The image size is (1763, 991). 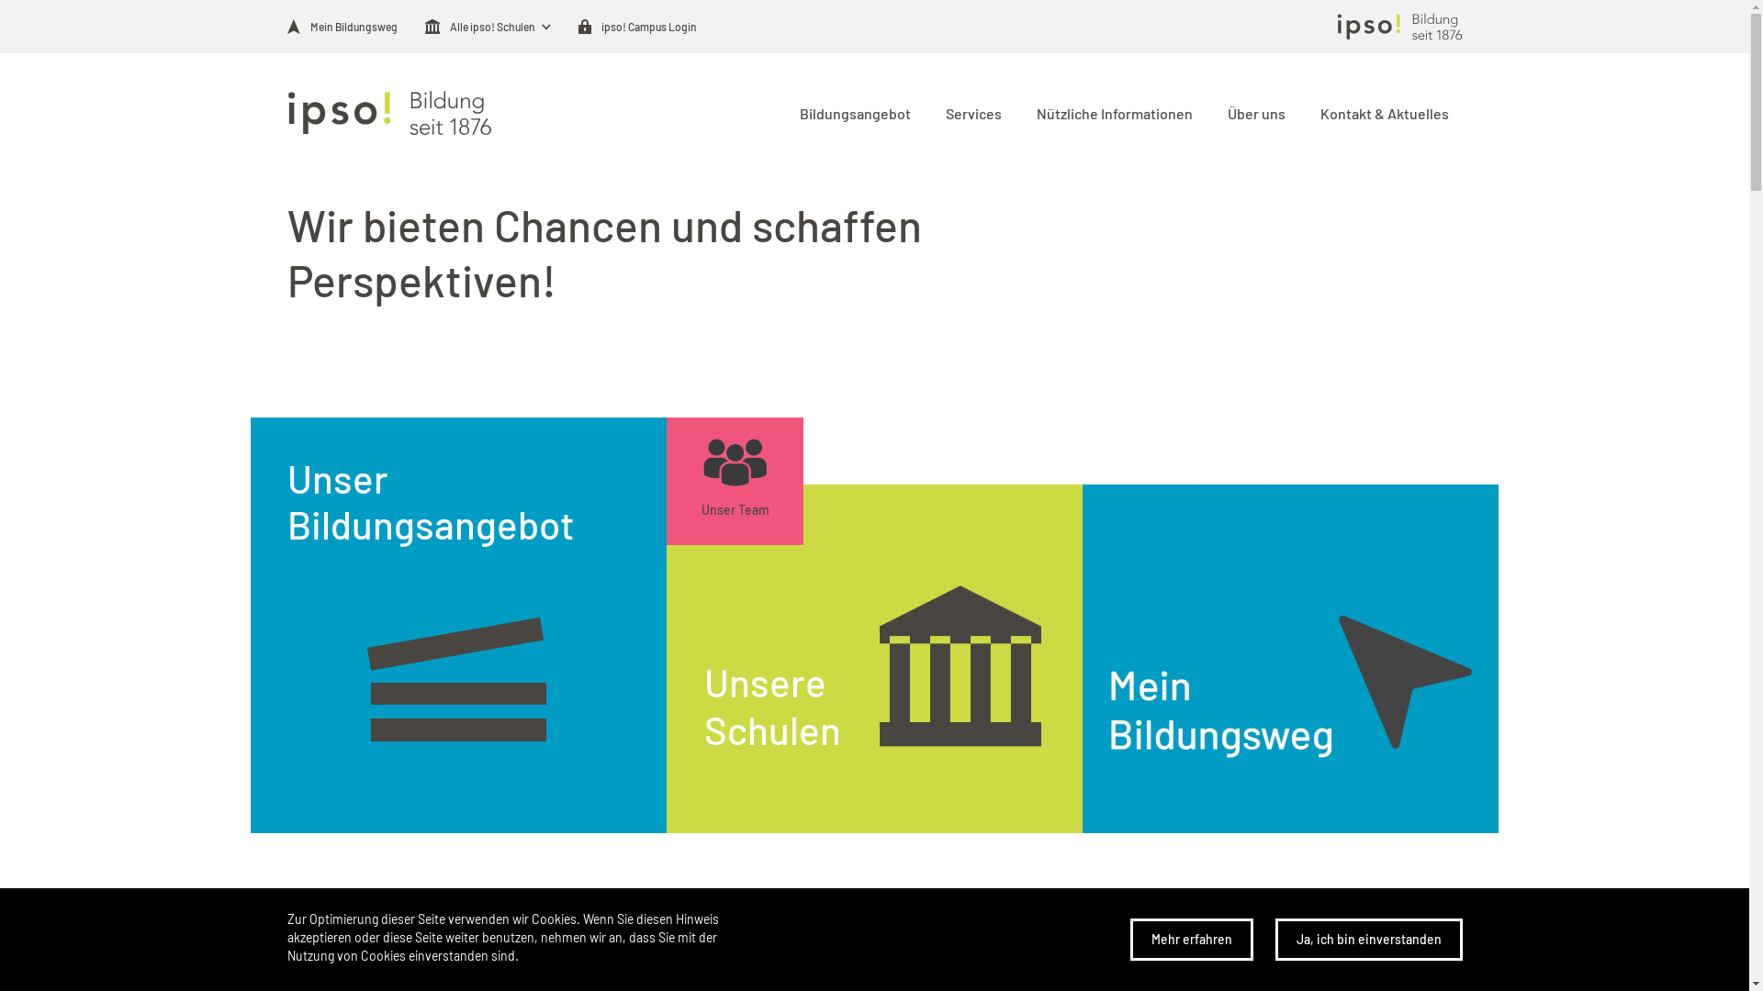 I want to click on 'Unsere, so click(x=873, y=658).